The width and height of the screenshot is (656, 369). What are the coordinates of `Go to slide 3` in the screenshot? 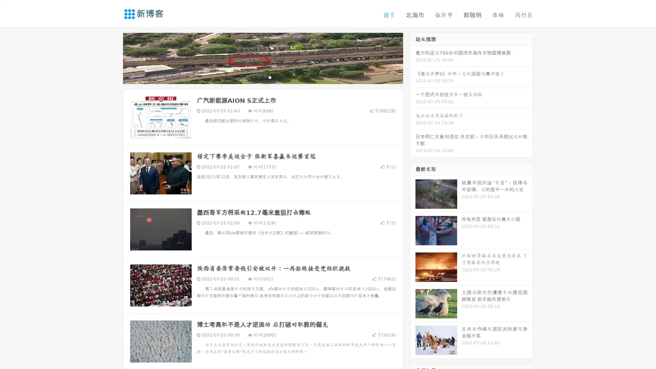 It's located at (270, 77).